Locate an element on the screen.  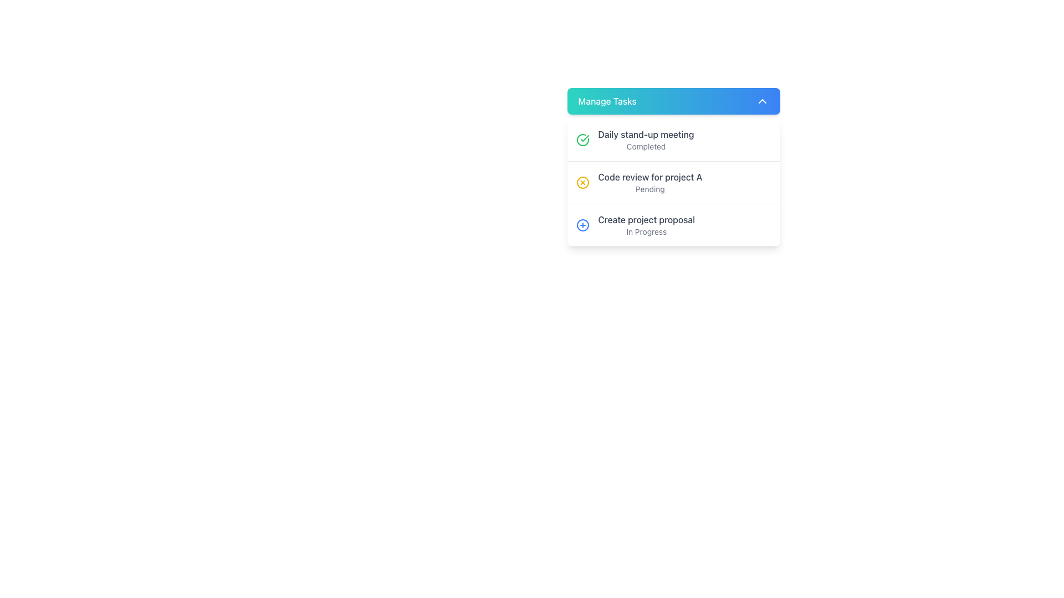
the text label displaying 'Daily stand-up meeting', which is styled with medium font weight and gray color, located within the task management panel, above the 'Completed' status is located at coordinates (646, 134).